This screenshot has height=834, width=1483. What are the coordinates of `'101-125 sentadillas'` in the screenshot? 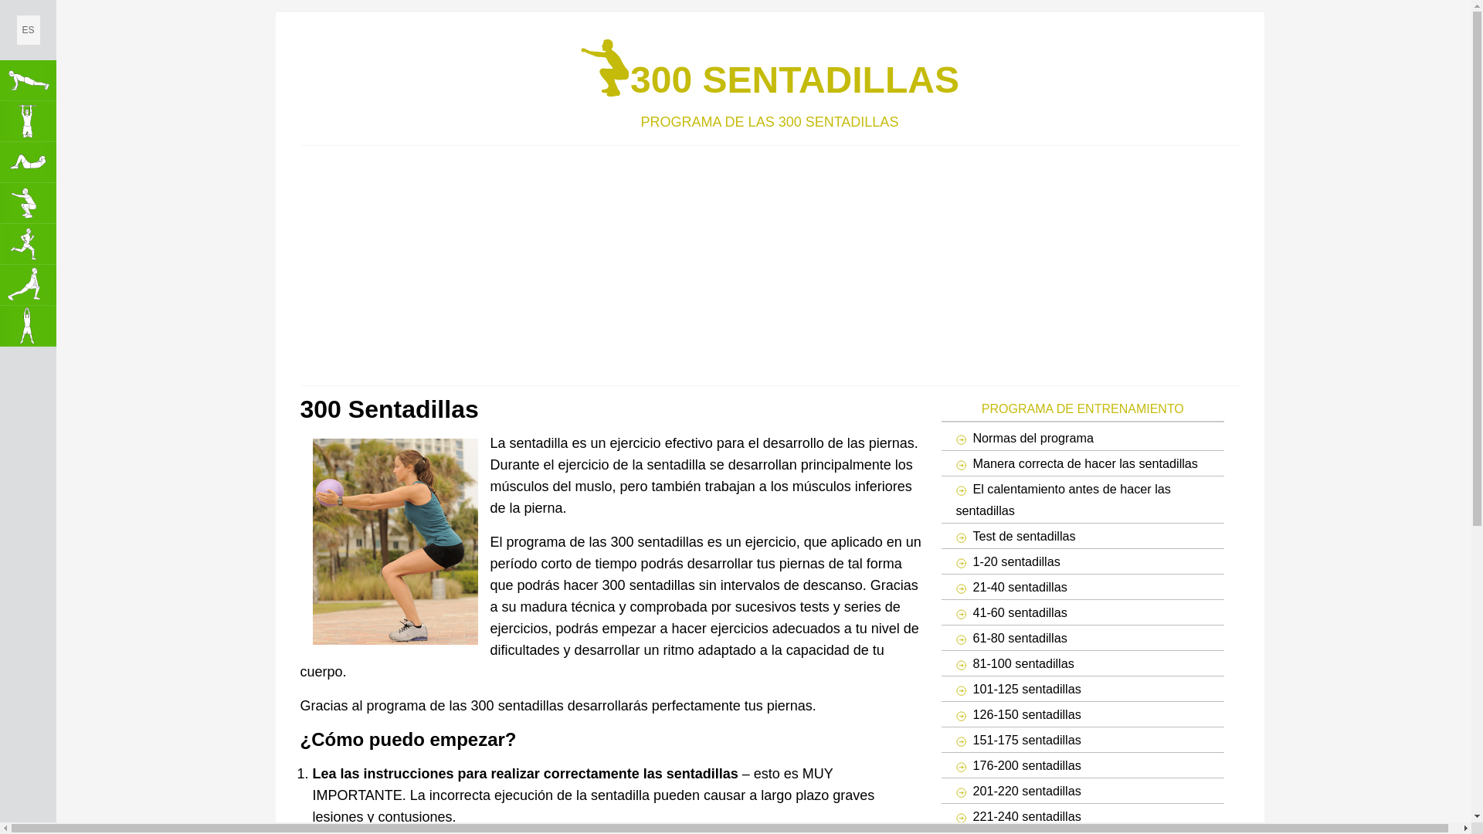 It's located at (1081, 687).